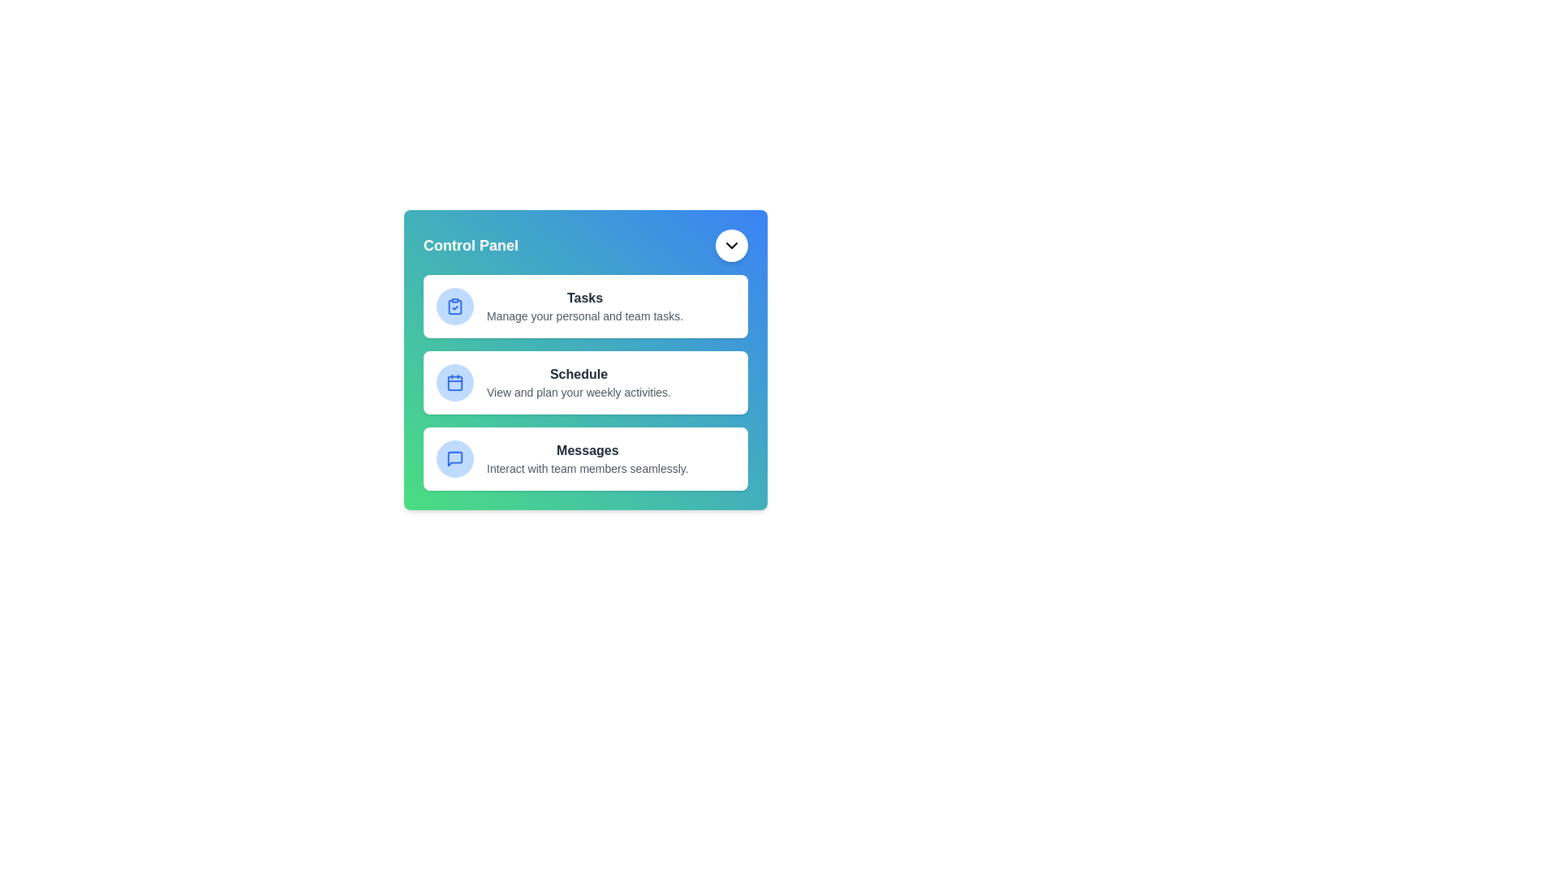 The height and width of the screenshot is (876, 1558). I want to click on the chevron button to toggle the menu, so click(731, 246).